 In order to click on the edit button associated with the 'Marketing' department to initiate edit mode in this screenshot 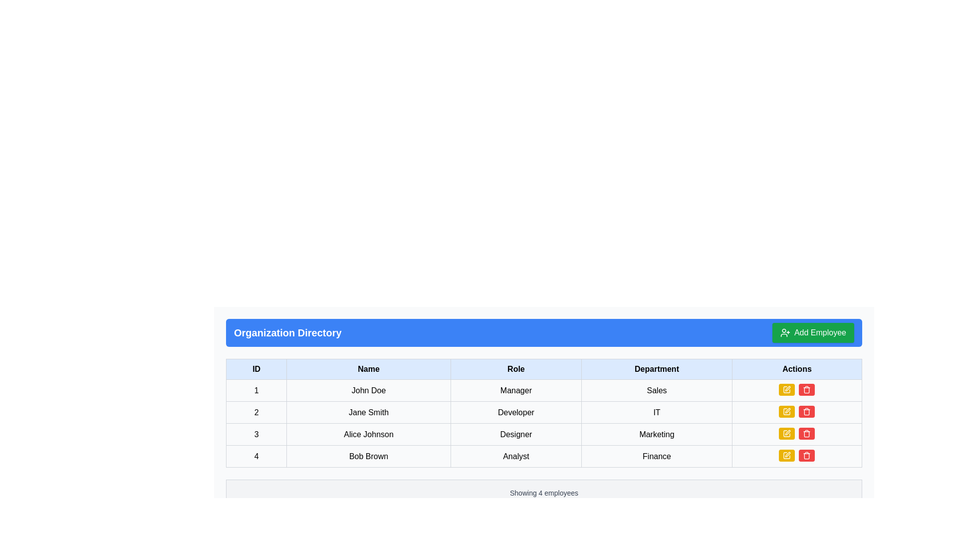, I will do `click(786, 433)`.